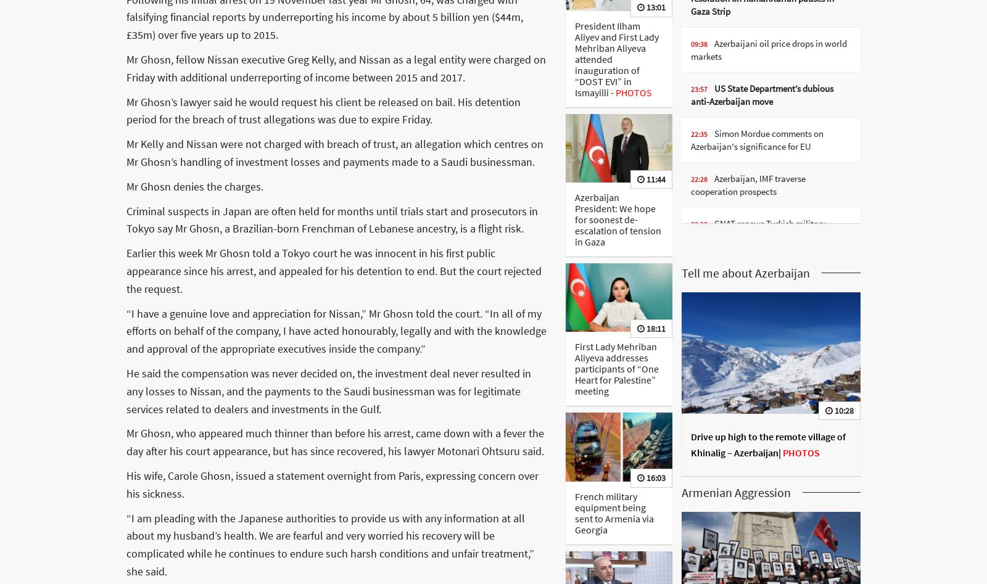  Describe the element at coordinates (698, 134) in the screenshot. I see `'22:35'` at that location.